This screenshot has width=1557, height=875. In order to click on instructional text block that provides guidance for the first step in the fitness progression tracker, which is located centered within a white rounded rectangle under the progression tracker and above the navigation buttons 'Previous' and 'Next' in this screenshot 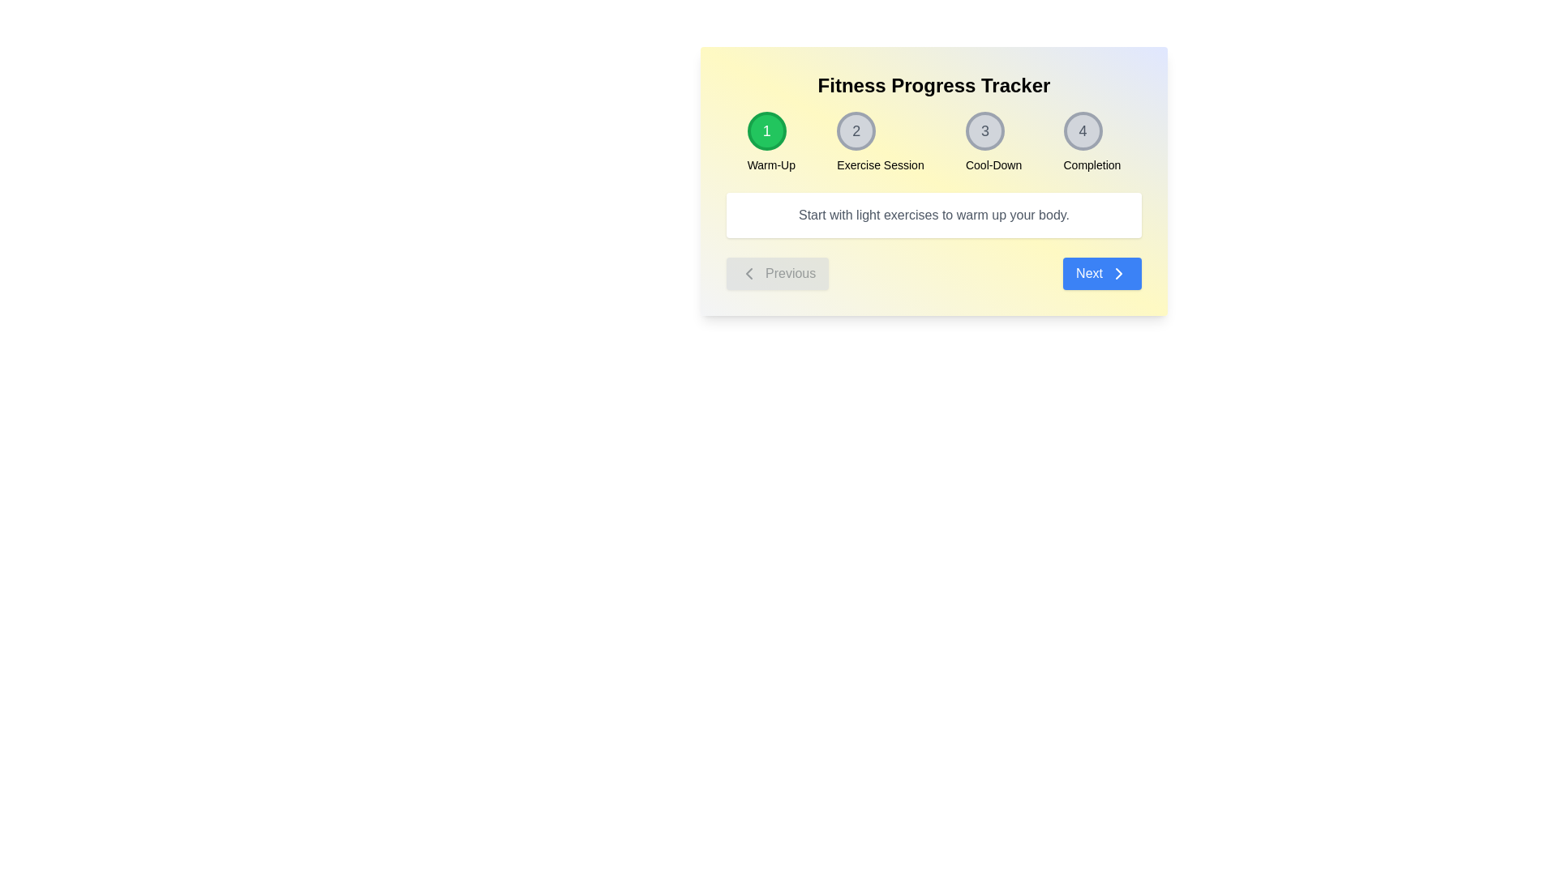, I will do `click(934, 215)`.